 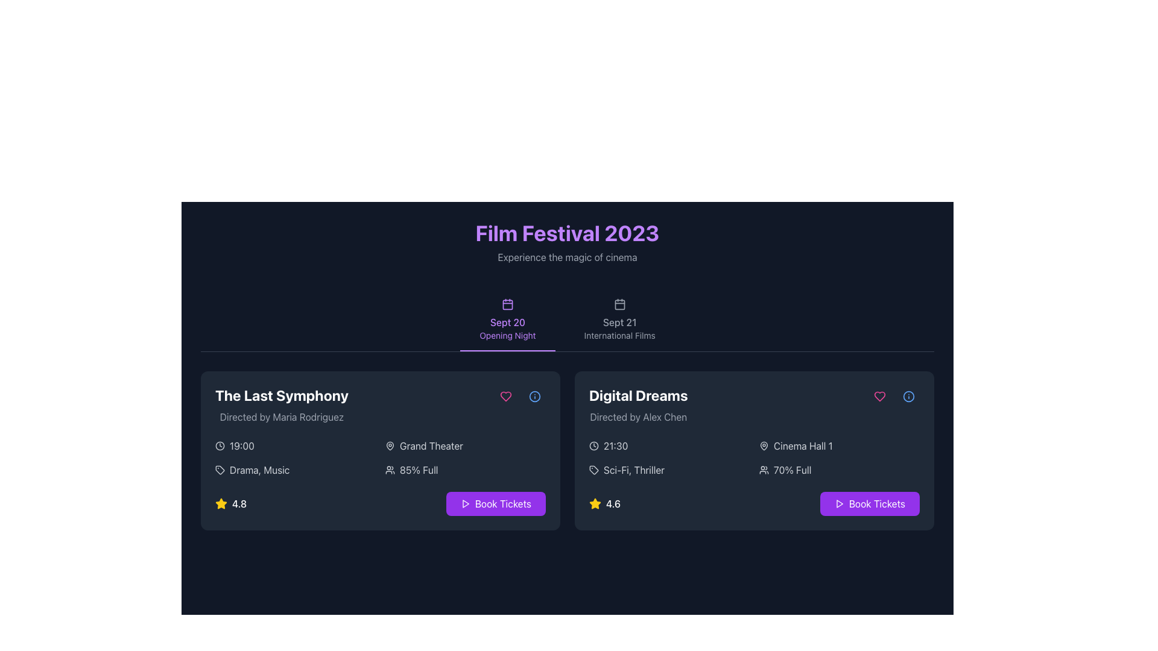 I want to click on the interactive calendar button labeled 'Sept 20' with the icon above and 'Opening Night' below it, styled in purple, so click(x=507, y=319).